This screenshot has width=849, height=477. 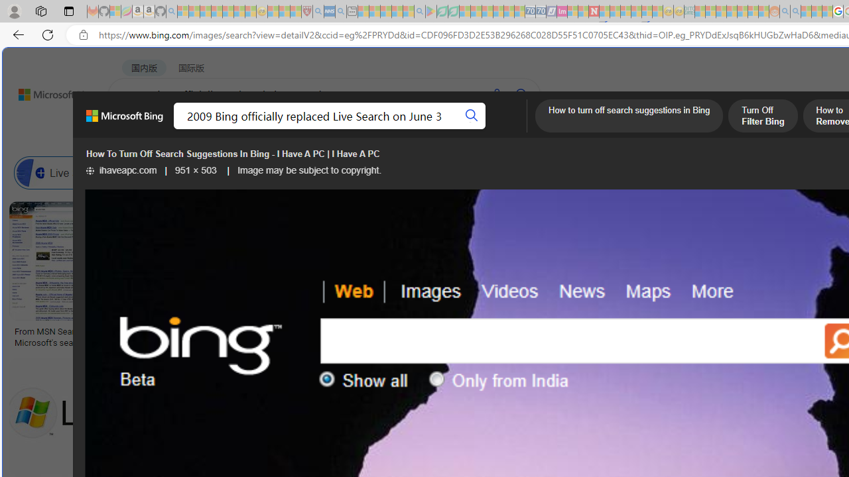 What do you see at coordinates (431, 11) in the screenshot?
I see `'Bluey: Let'` at bounding box center [431, 11].